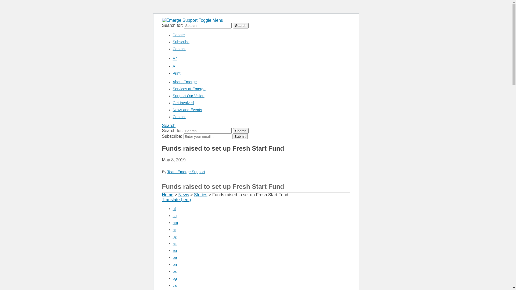 The height and width of the screenshot is (290, 516). Describe the element at coordinates (178, 35) in the screenshot. I see `'Donate'` at that location.